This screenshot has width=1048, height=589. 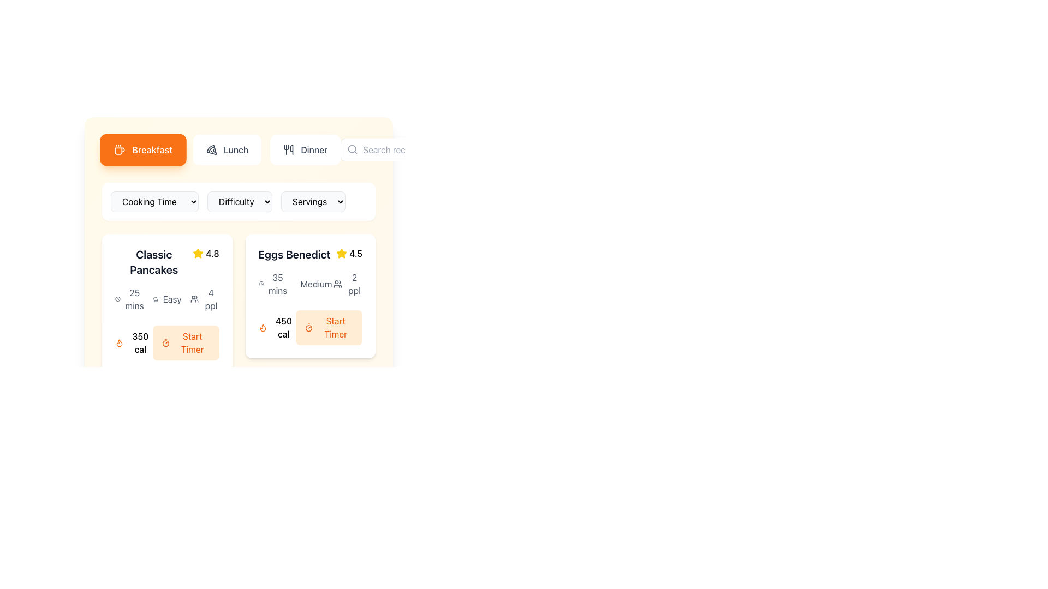 I want to click on caloric information from the label in the composite UI component under the 'Eggs Benedict' section, which includes a button to start a timer, so click(x=309, y=327).